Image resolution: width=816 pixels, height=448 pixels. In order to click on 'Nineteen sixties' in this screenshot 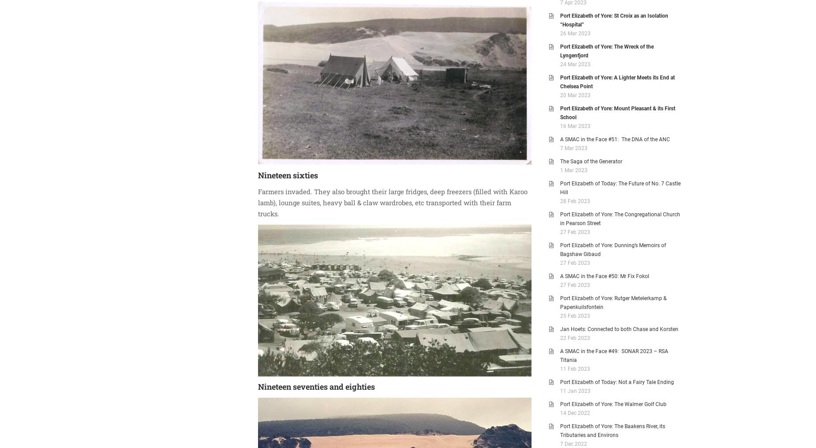, I will do `click(288, 174)`.